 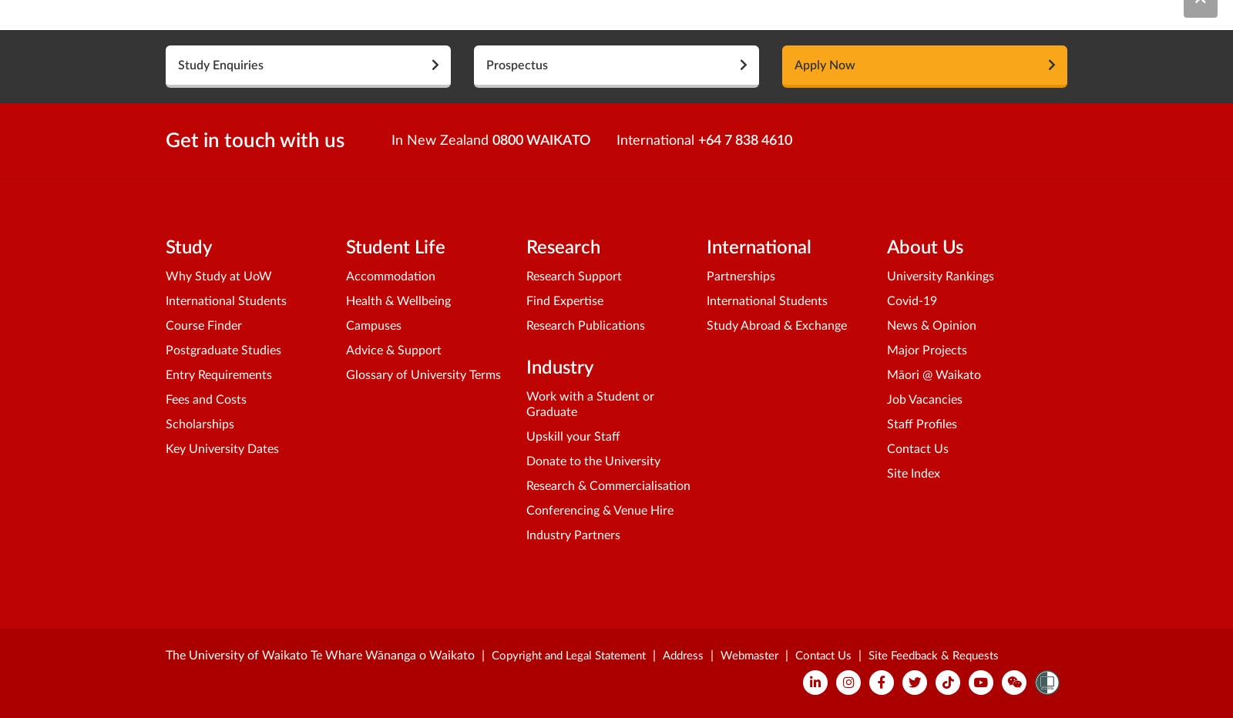 What do you see at coordinates (166, 448) in the screenshot?
I see `'Key University Dates'` at bounding box center [166, 448].